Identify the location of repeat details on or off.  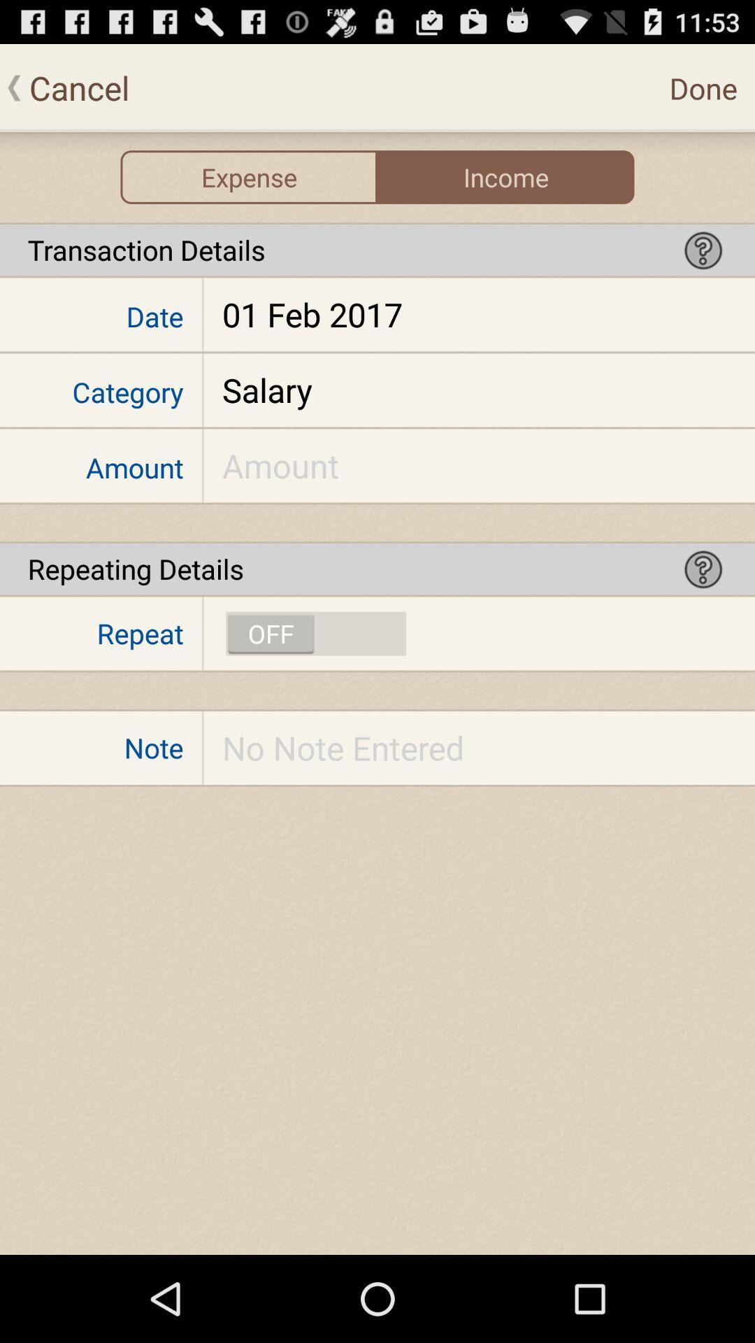
(316, 633).